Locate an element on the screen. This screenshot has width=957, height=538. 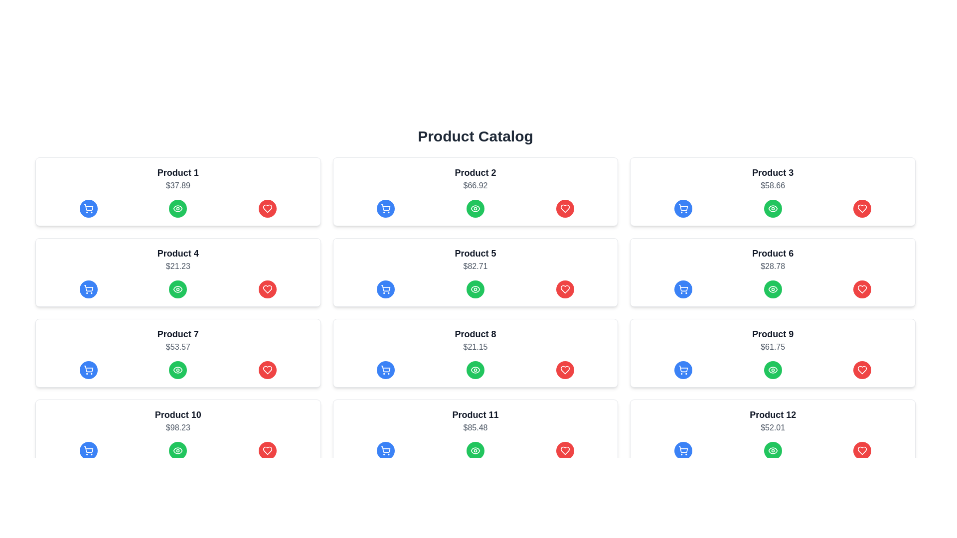
the circular green button with a white eye icon for 'view' functionality, located as the second button in the action buttons group for 'Product 3' in the top-right corner of the product grid is located at coordinates (772, 208).